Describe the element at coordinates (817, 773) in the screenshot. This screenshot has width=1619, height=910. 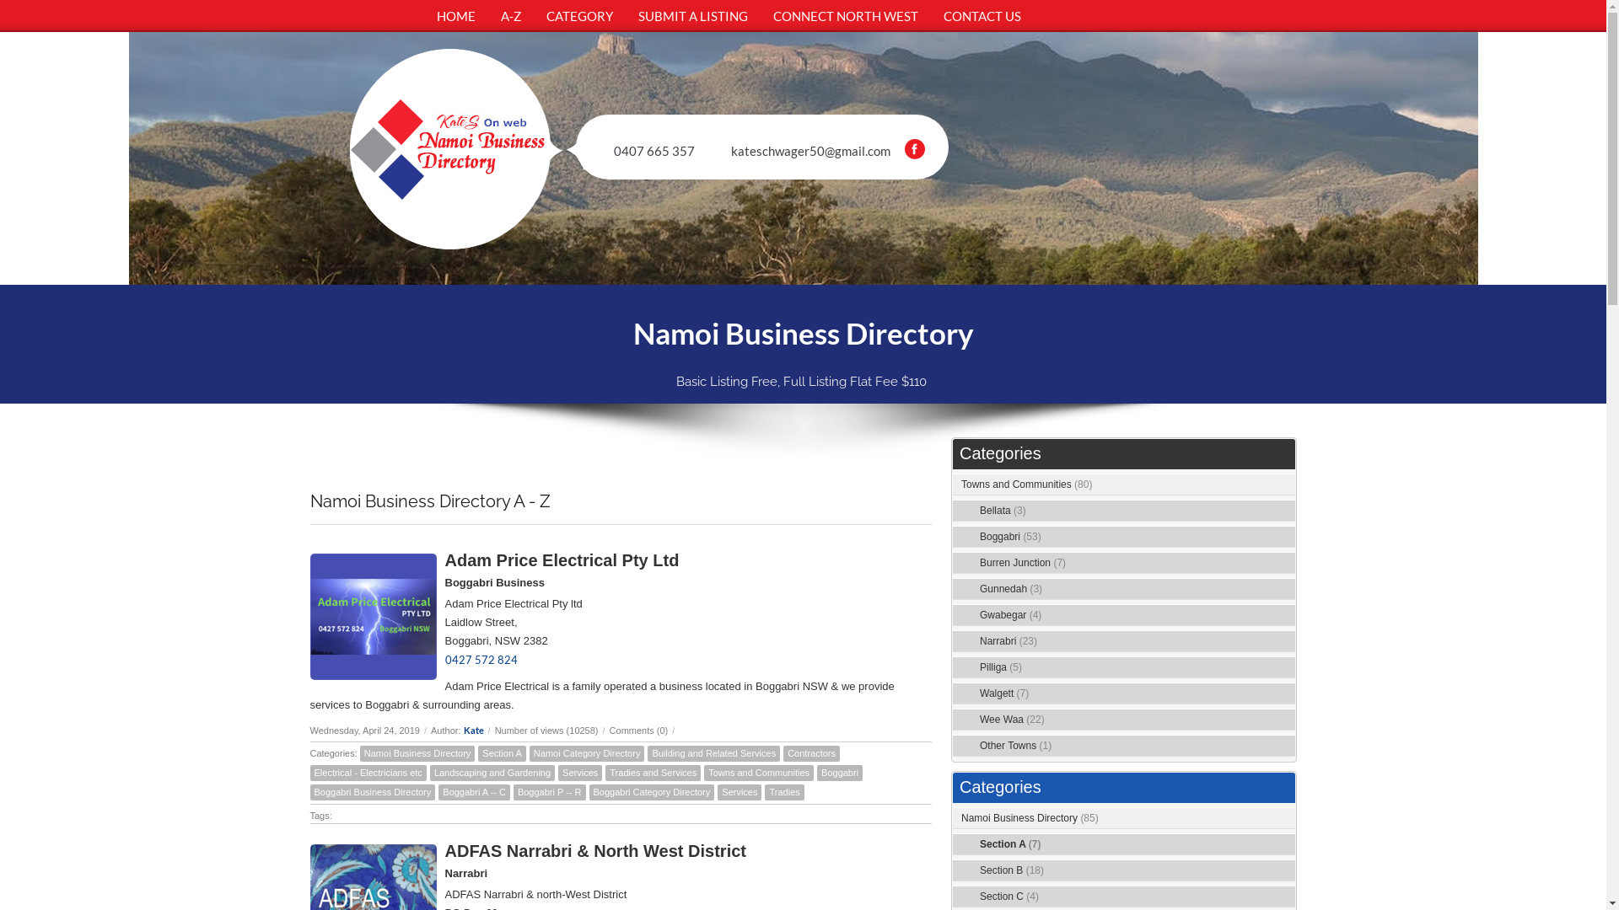
I see `'Boggabri'` at that location.